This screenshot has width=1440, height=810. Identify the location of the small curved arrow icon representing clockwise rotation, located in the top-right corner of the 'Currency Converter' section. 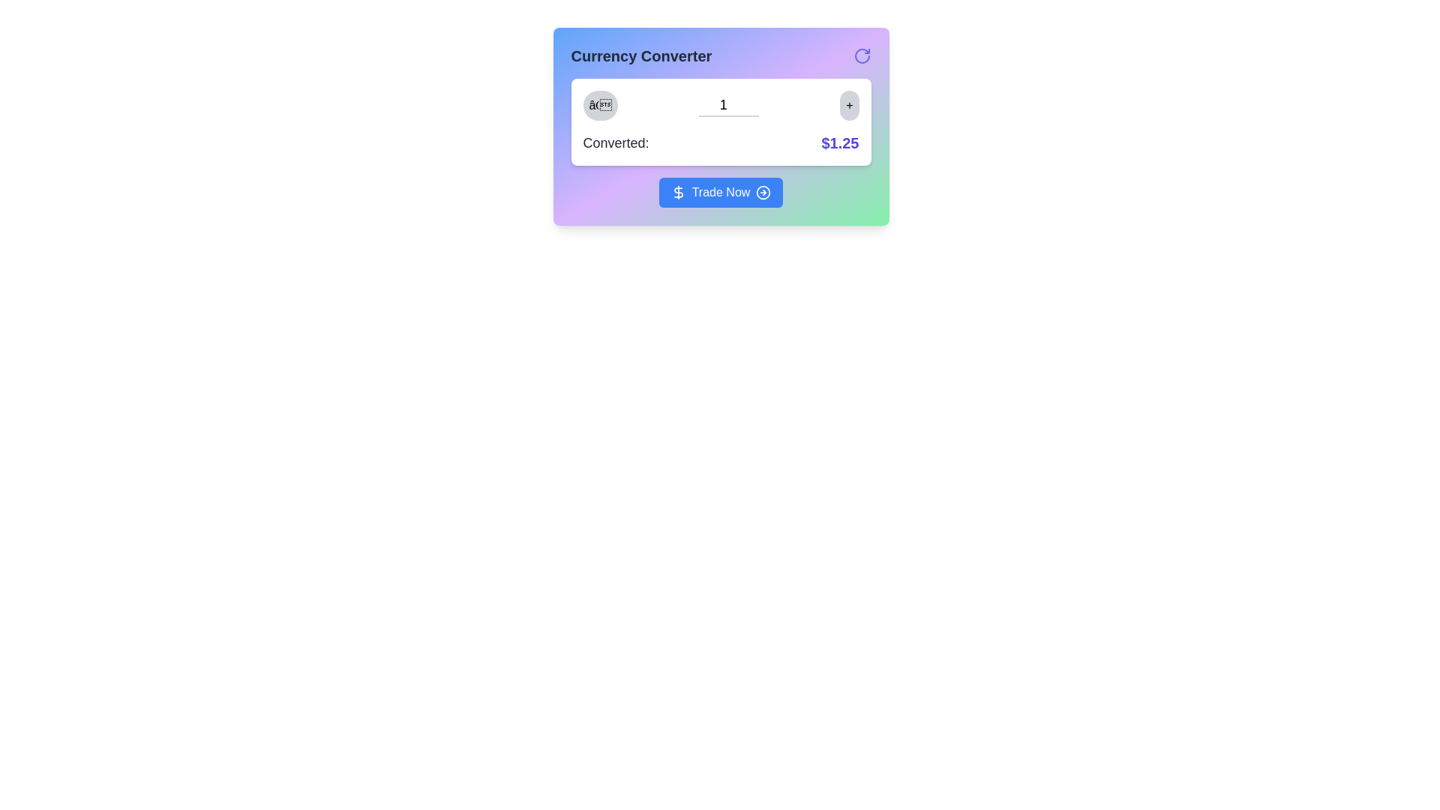
(862, 55).